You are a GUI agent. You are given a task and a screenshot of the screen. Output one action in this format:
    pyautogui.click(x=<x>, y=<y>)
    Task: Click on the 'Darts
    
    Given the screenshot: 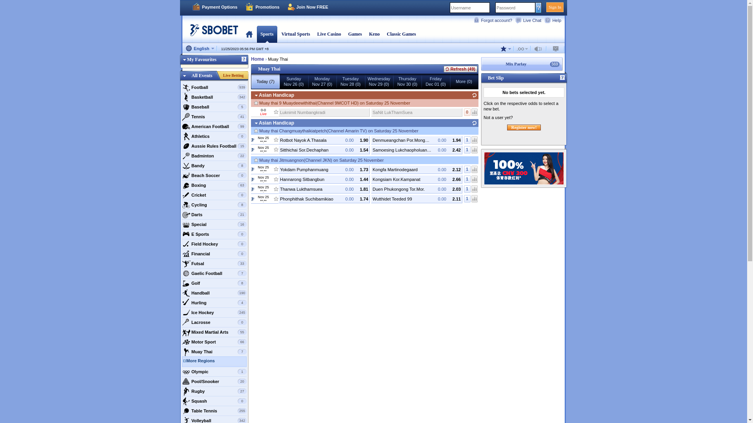 What is the action you would take?
    pyautogui.click(x=181, y=214)
    